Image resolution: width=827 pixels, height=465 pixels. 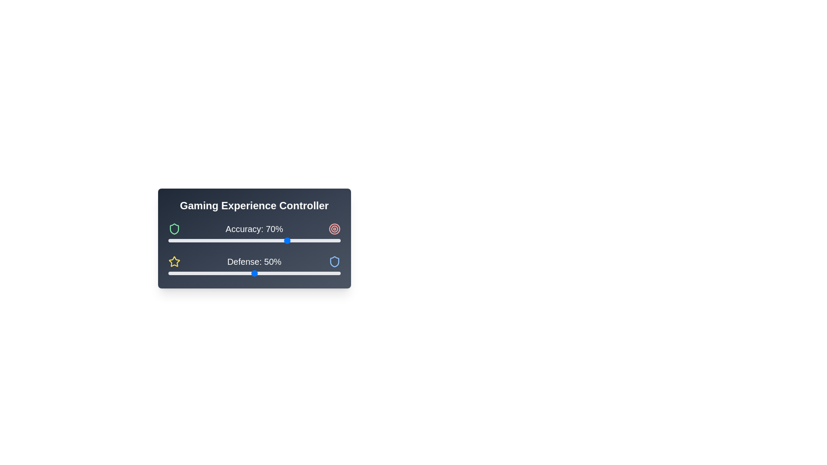 I want to click on the 'Defense' slider to set its value to 63% by dragging the slider to the corresponding position, so click(x=277, y=273).